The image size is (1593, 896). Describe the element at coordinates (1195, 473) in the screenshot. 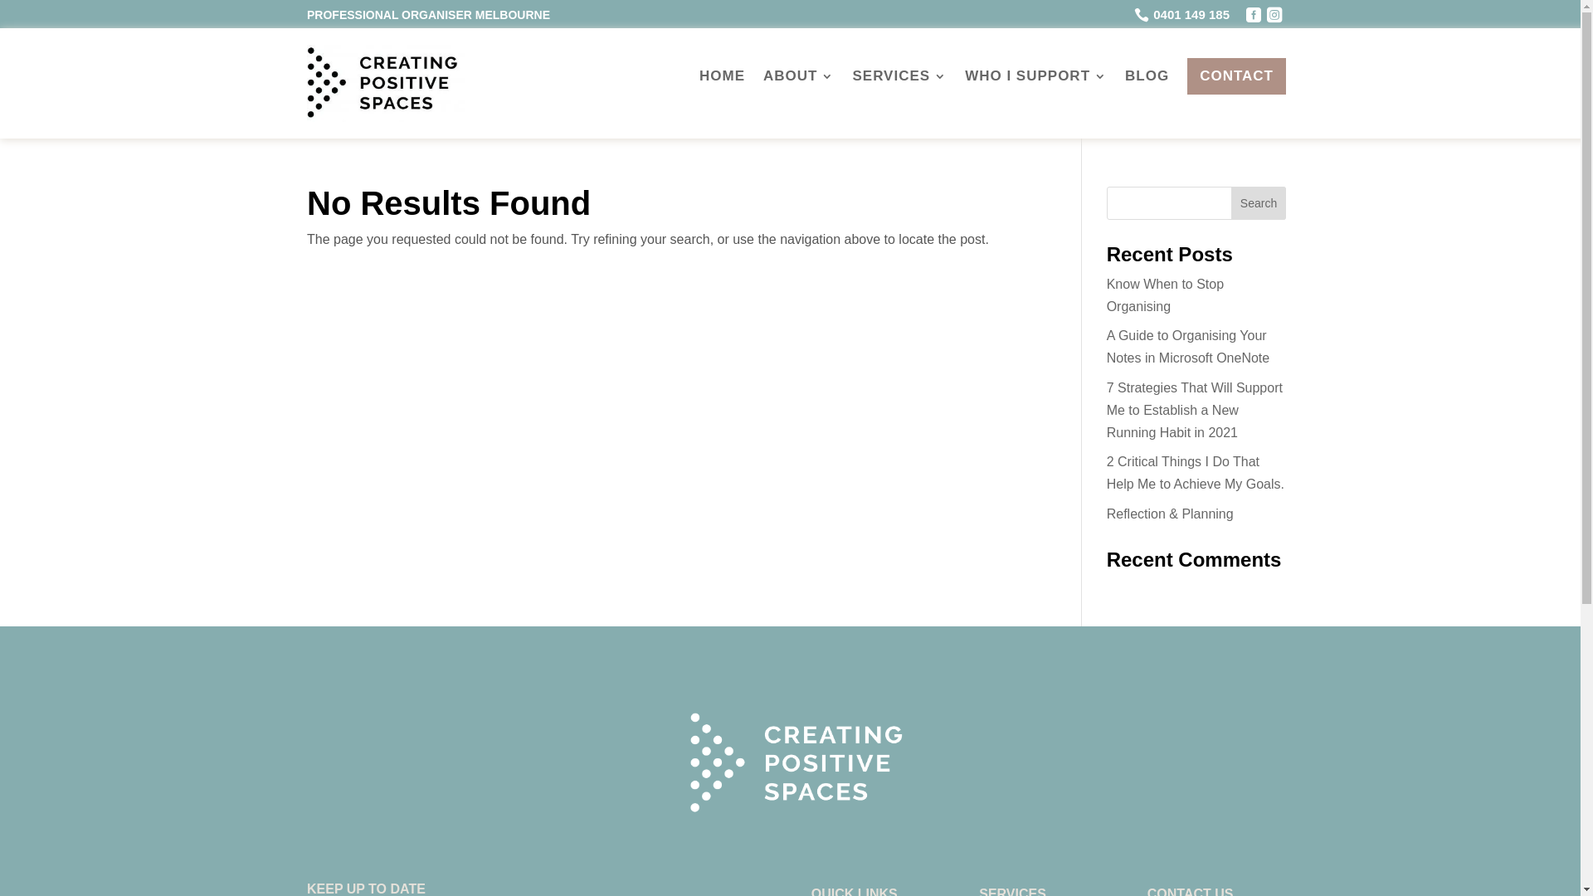

I see `'2 Critical Things I Do That Help Me to Achieve My Goals.'` at that location.